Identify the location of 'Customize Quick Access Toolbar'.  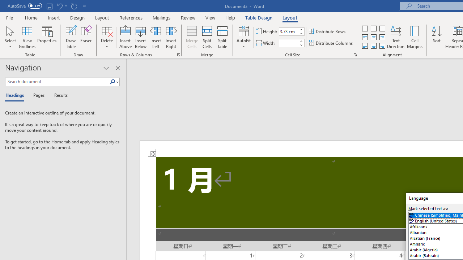
(85, 6).